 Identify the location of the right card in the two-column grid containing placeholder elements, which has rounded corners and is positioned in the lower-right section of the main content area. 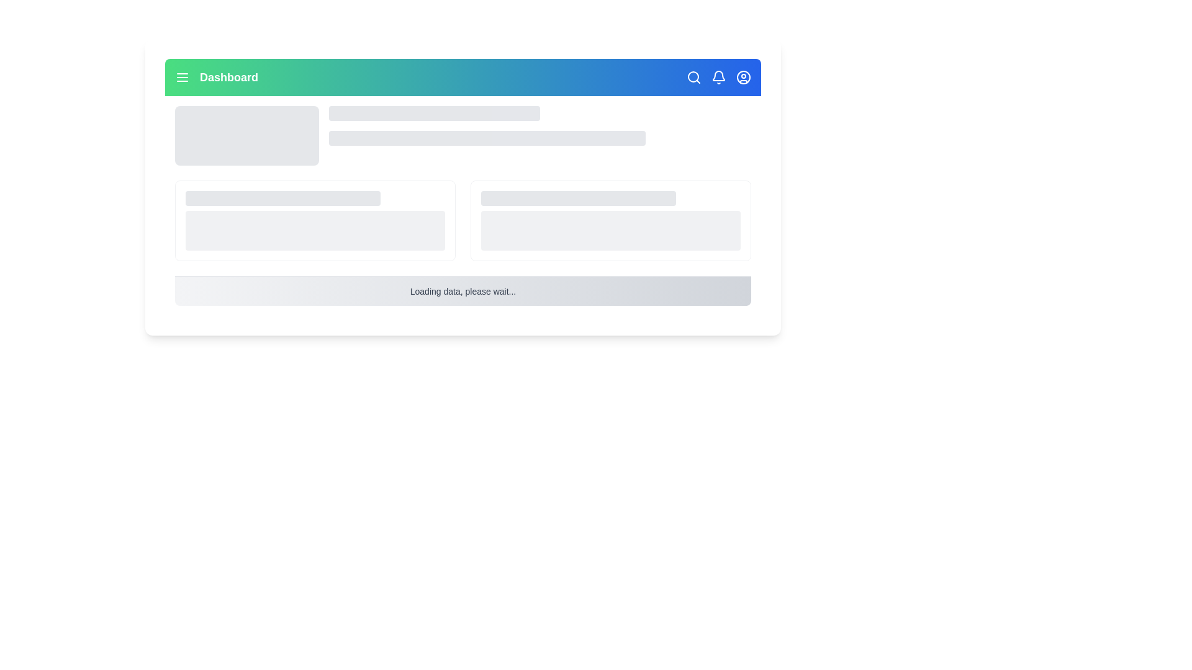
(610, 220).